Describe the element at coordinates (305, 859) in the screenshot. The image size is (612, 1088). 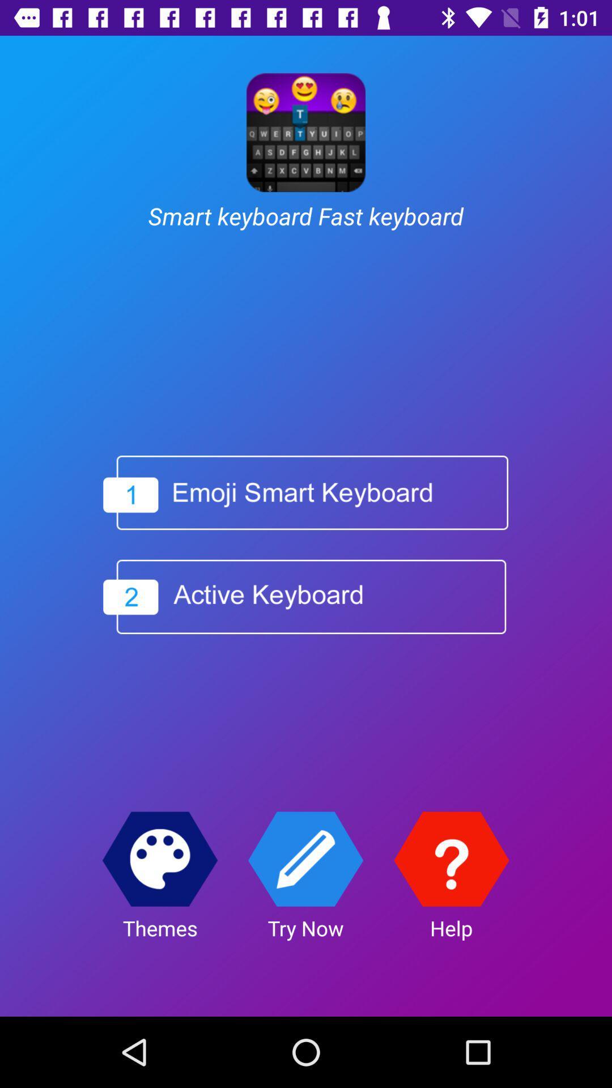
I see `click the pencil` at that location.